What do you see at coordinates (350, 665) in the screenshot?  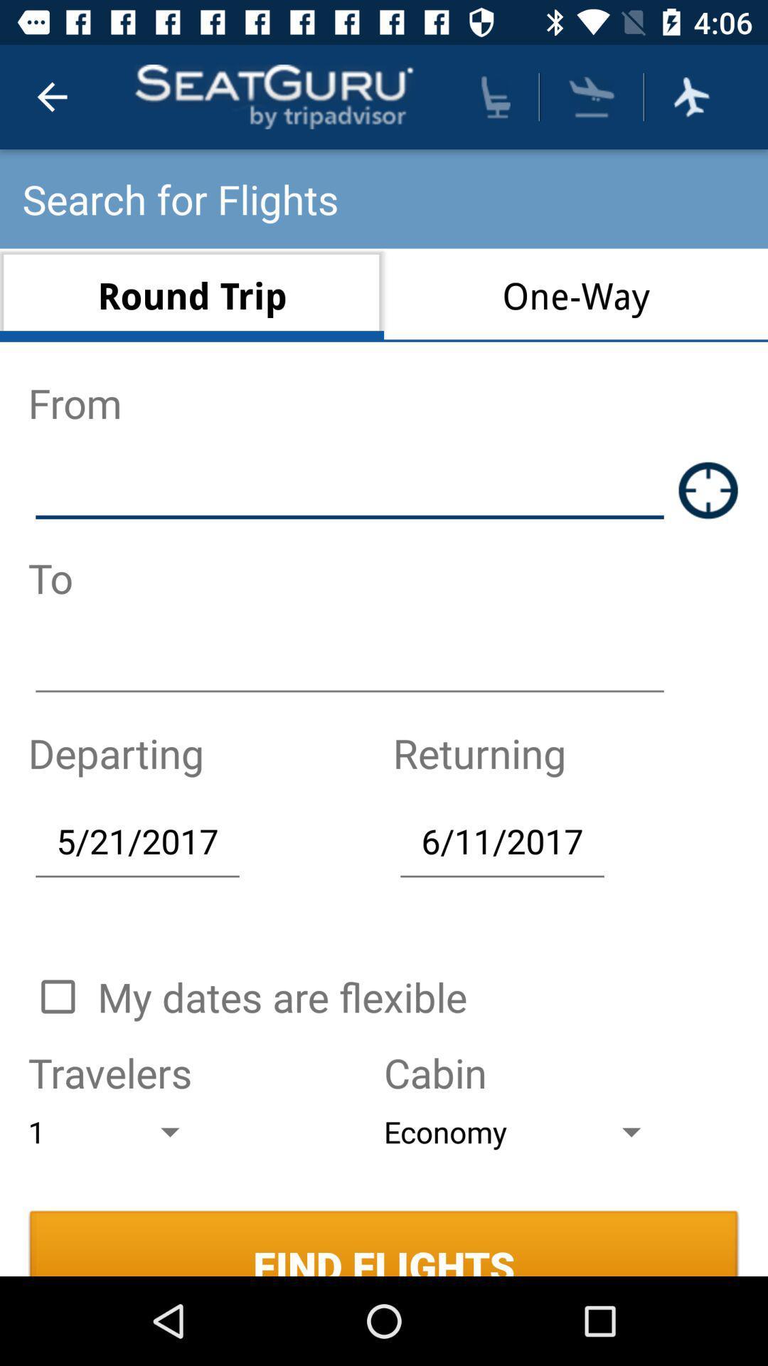 I see `destination` at bounding box center [350, 665].